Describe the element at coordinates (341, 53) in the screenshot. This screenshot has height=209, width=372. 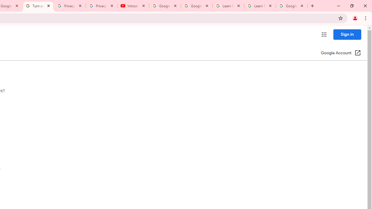
I see `'Google Account (Open in a new window)'` at that location.